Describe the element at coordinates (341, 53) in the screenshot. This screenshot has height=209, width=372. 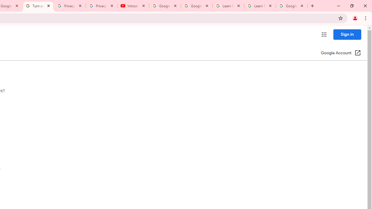
I see `'Google Account (Open in a new window)'` at that location.